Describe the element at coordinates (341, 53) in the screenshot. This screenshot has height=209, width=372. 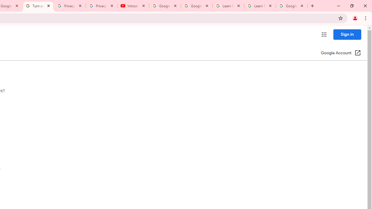
I see `'Google Account (Open in a new window)'` at that location.